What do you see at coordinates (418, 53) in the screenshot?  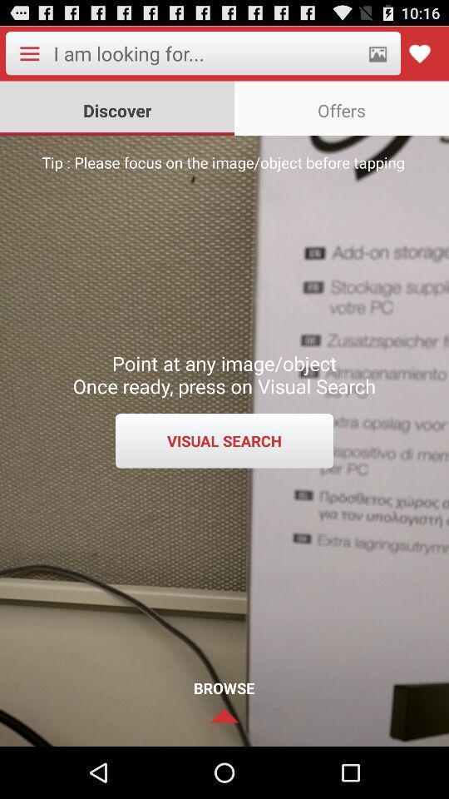 I see `like` at bounding box center [418, 53].